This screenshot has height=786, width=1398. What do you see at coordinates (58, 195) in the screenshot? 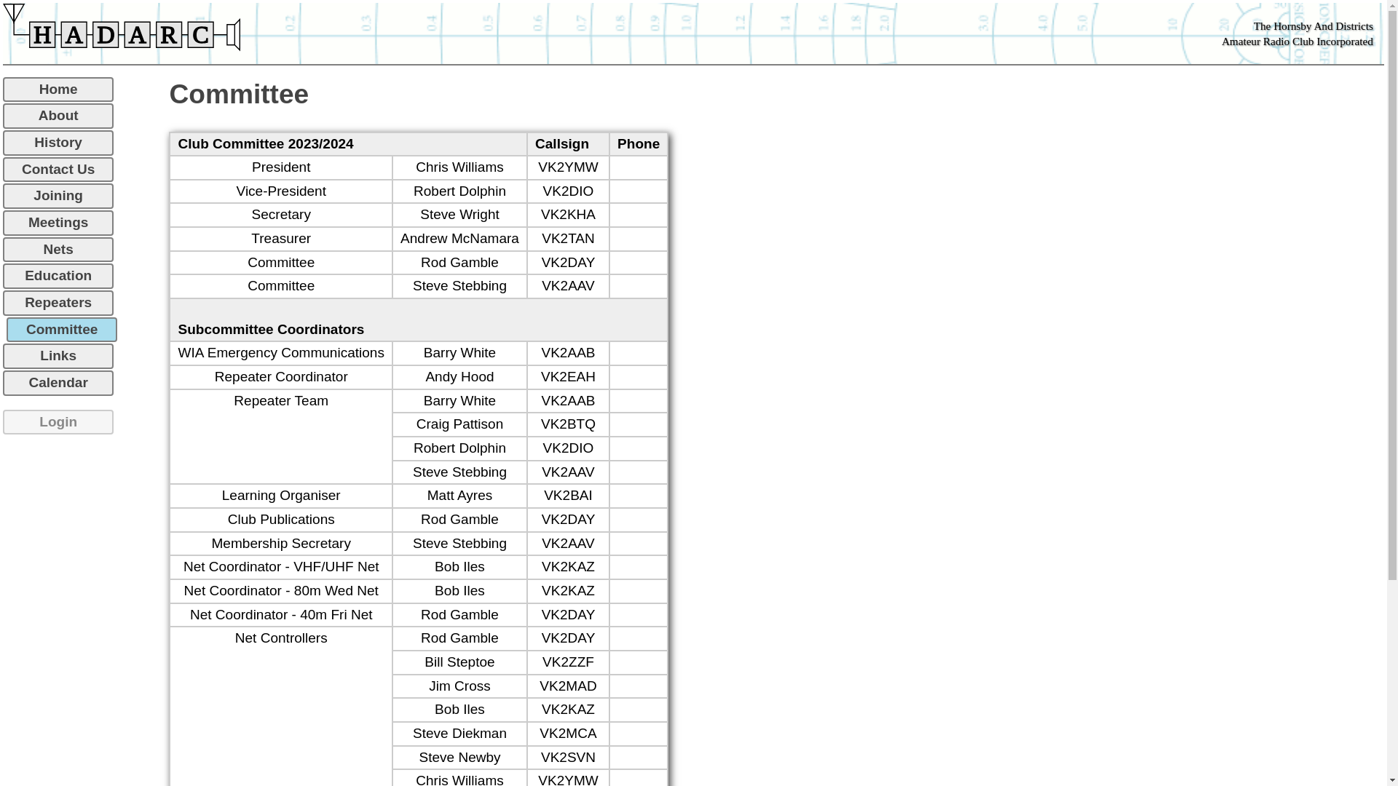
I see `'Joining'` at bounding box center [58, 195].